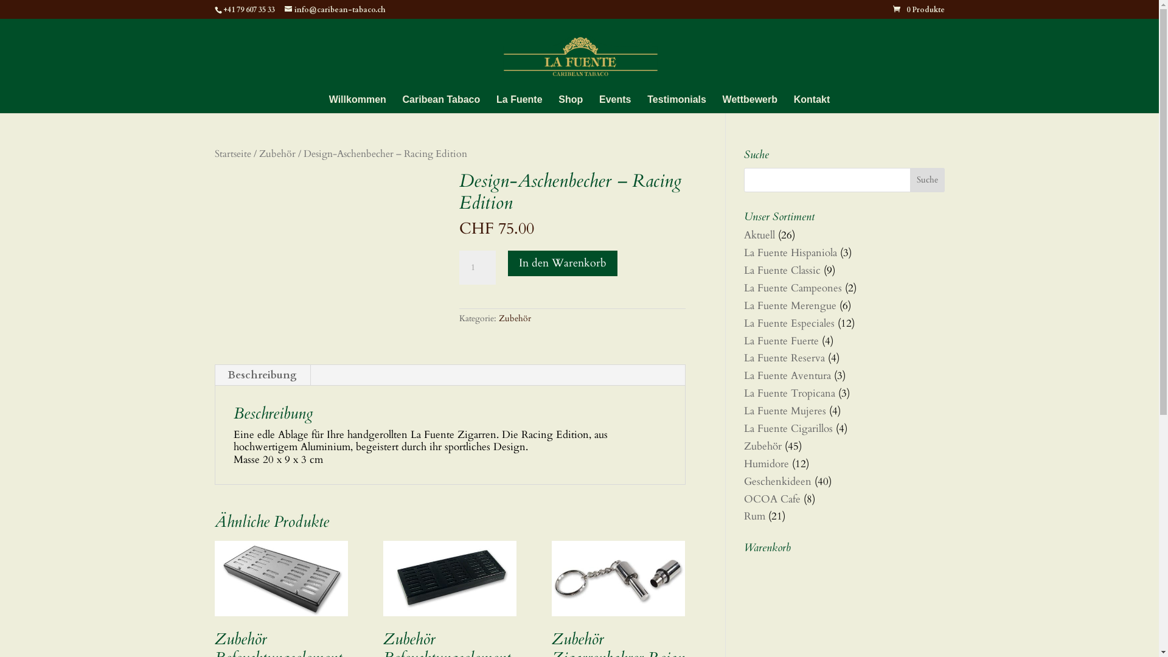  What do you see at coordinates (232, 153) in the screenshot?
I see `'Startseite'` at bounding box center [232, 153].